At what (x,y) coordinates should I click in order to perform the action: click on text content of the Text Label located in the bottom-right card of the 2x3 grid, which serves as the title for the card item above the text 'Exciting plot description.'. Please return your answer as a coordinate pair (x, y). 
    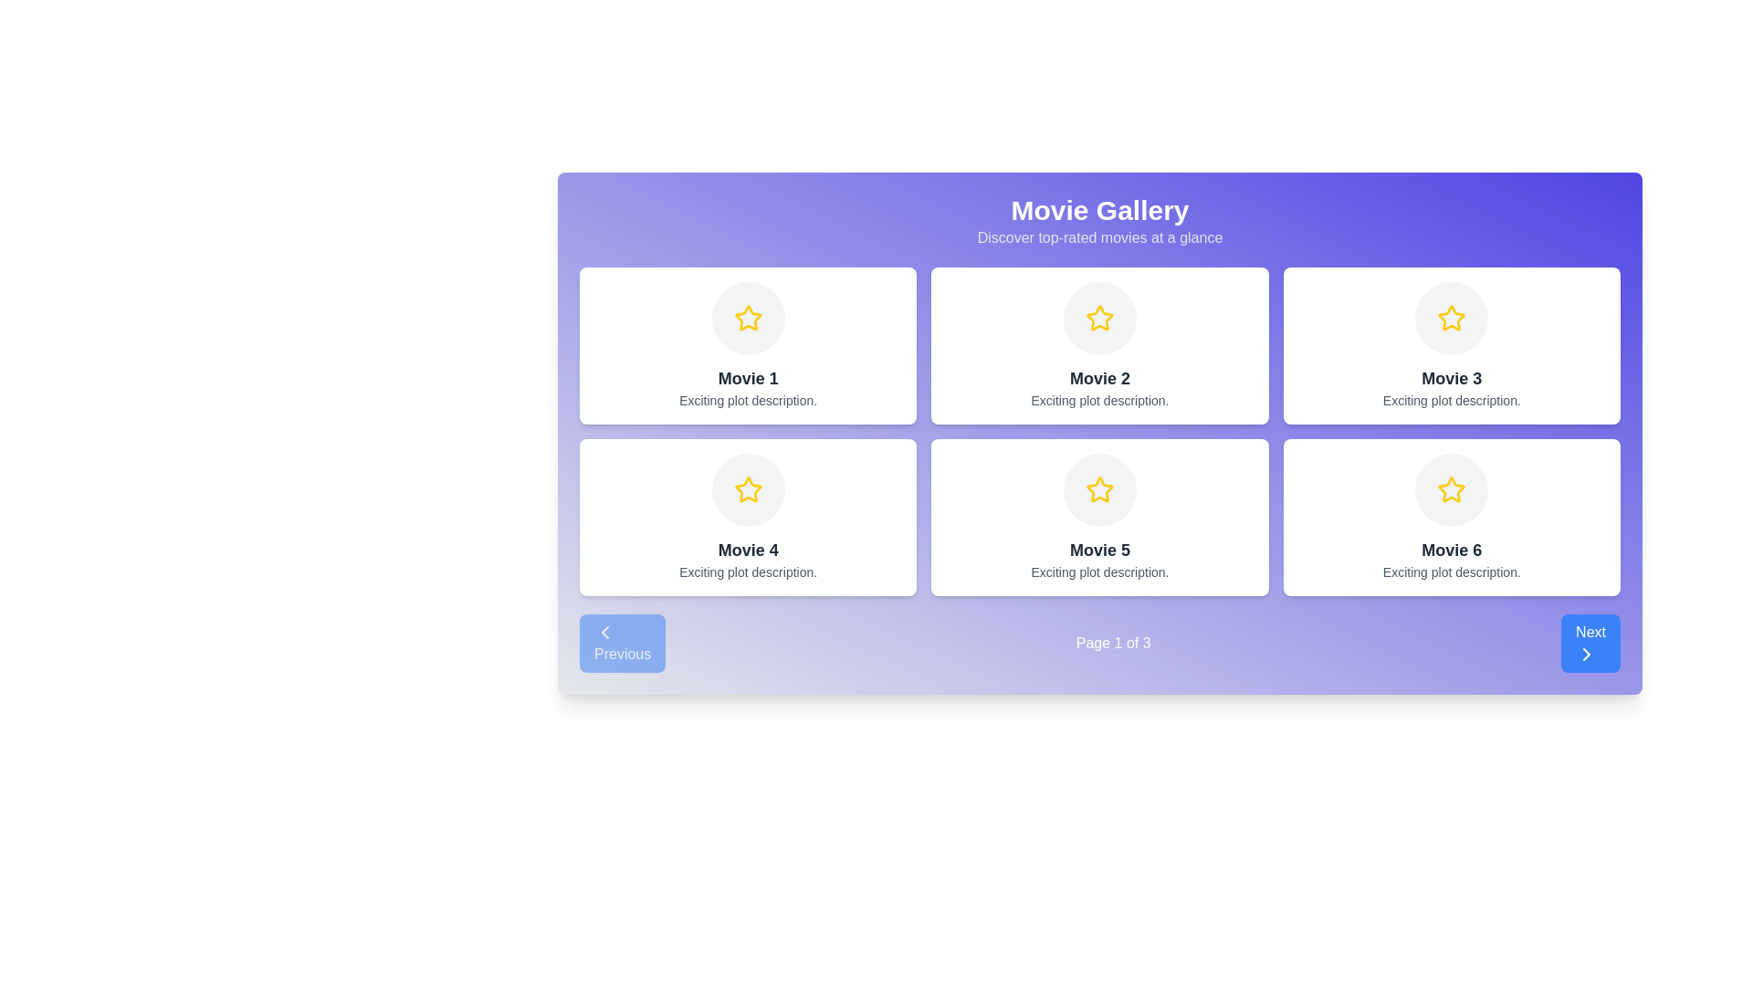
    Looking at the image, I should click on (1451, 549).